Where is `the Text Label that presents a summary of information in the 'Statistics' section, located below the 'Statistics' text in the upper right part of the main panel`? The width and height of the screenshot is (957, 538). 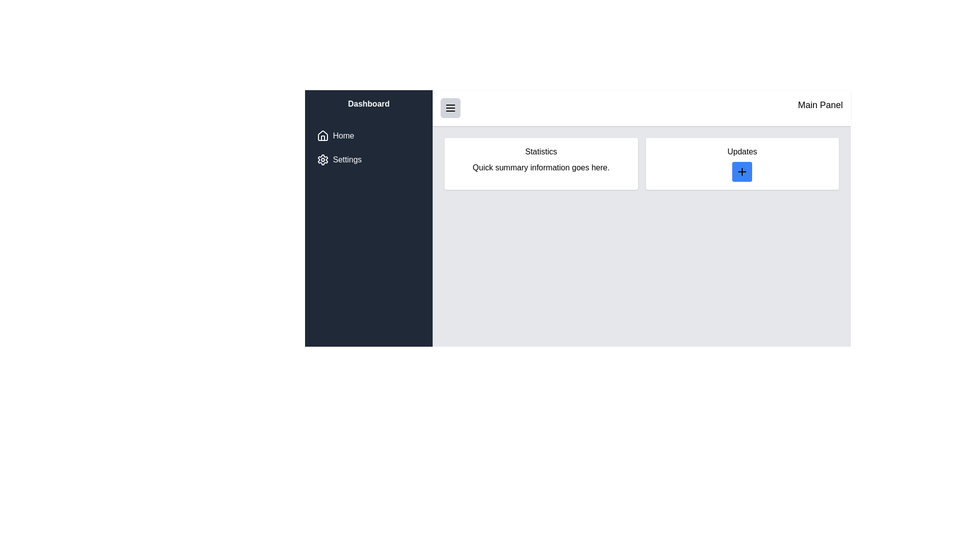 the Text Label that presents a summary of information in the 'Statistics' section, located below the 'Statistics' text in the upper right part of the main panel is located at coordinates (540, 167).